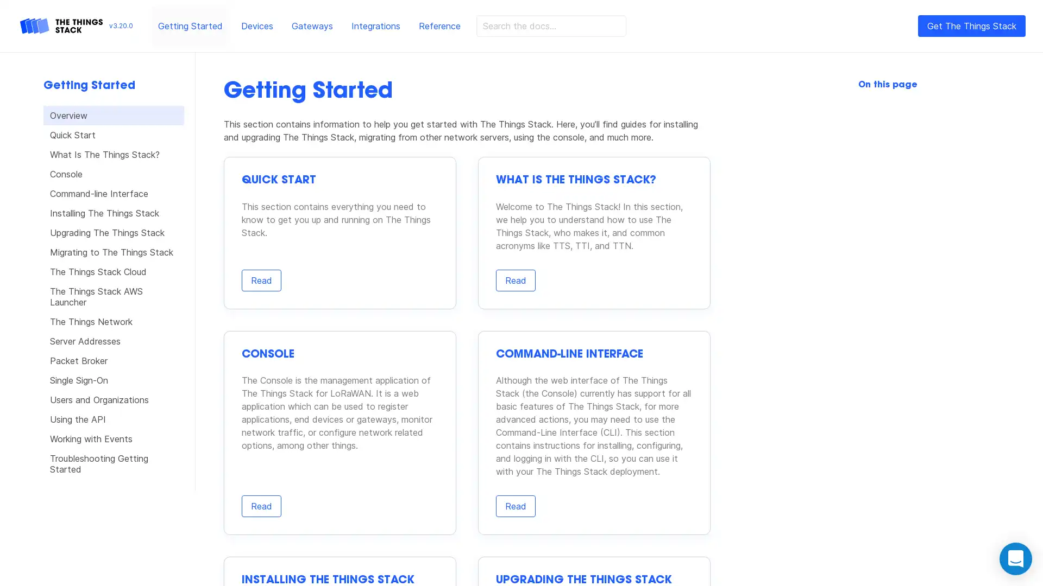  I want to click on Open Intercom Messenger, so click(1015, 558).